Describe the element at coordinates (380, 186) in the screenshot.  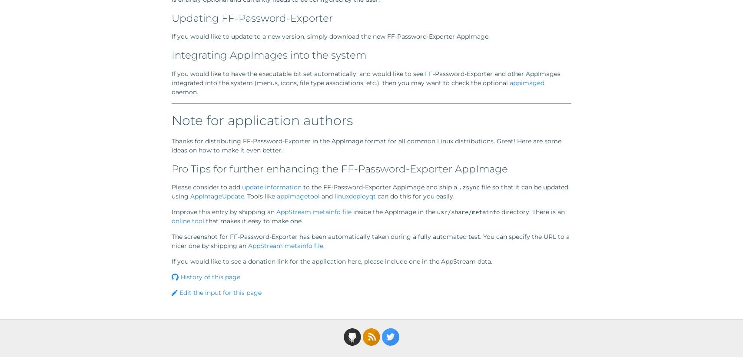
I see `'to the FF-Password-Exporter AppImage and ship a'` at that location.